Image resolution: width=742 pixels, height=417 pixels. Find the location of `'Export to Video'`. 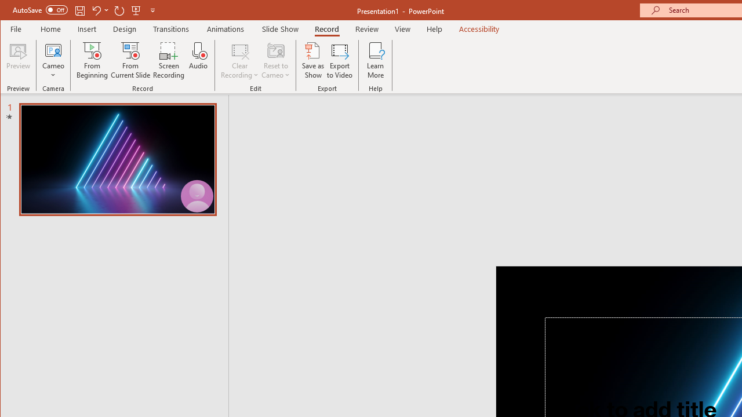

'Export to Video' is located at coordinates (339, 60).